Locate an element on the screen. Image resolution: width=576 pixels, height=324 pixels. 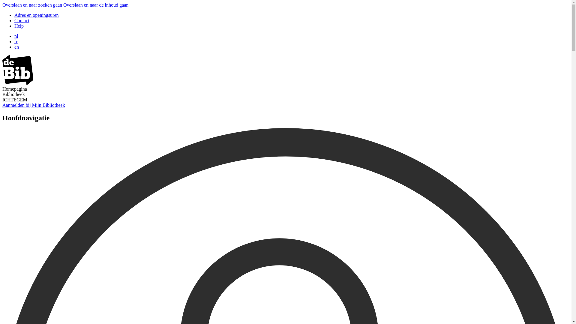
'fr' is located at coordinates (16, 41).